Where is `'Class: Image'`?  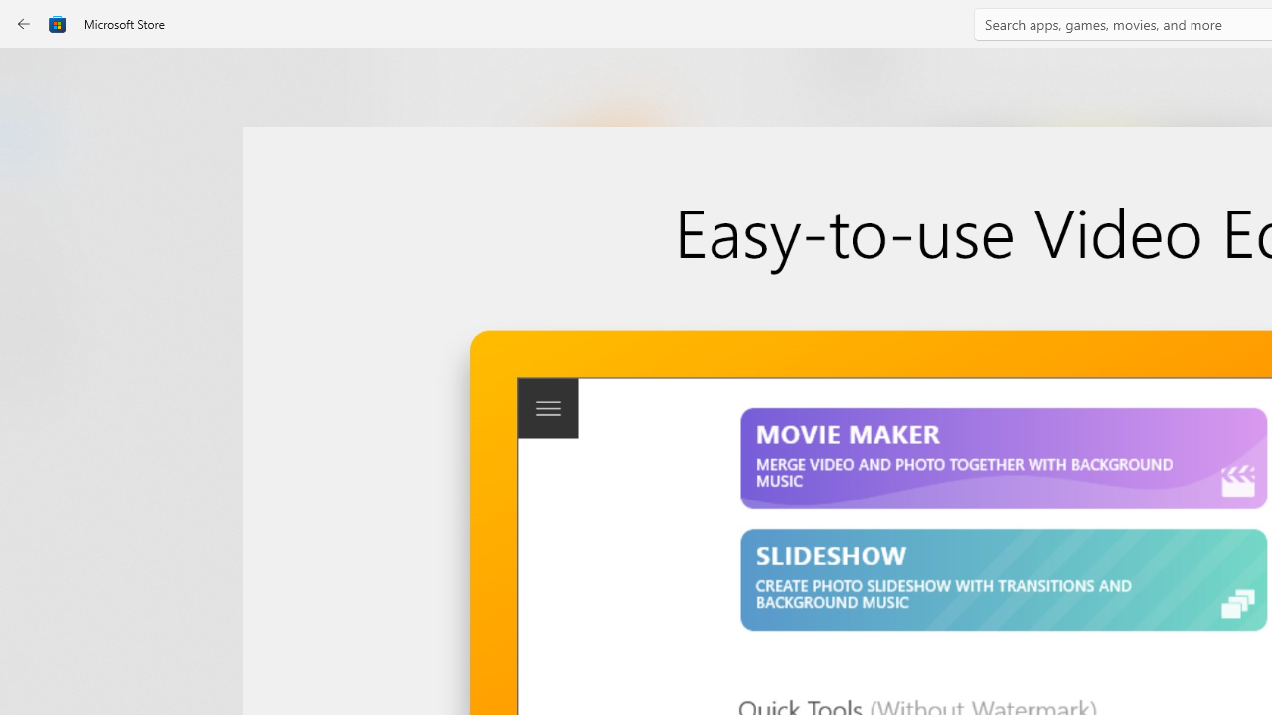
'Class: Image' is located at coordinates (58, 24).